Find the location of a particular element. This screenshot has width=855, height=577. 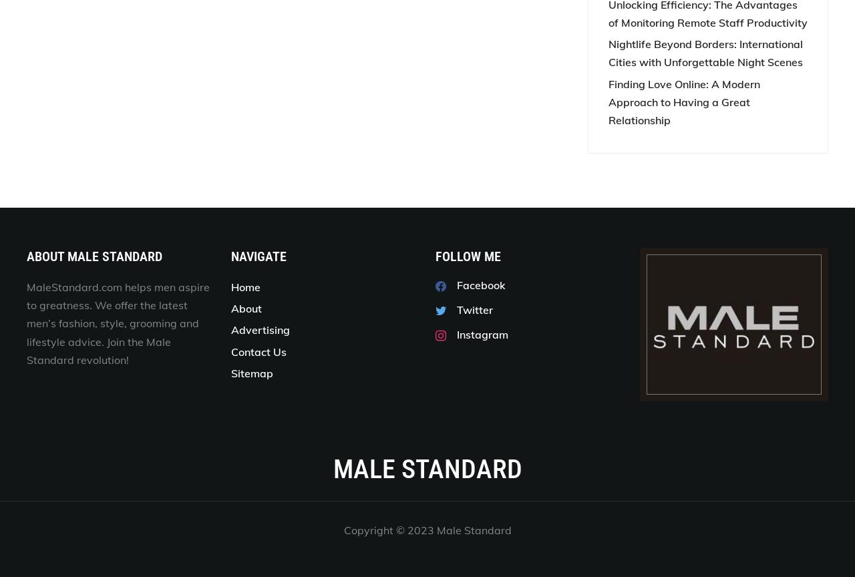

'Navigate' is located at coordinates (259, 255).